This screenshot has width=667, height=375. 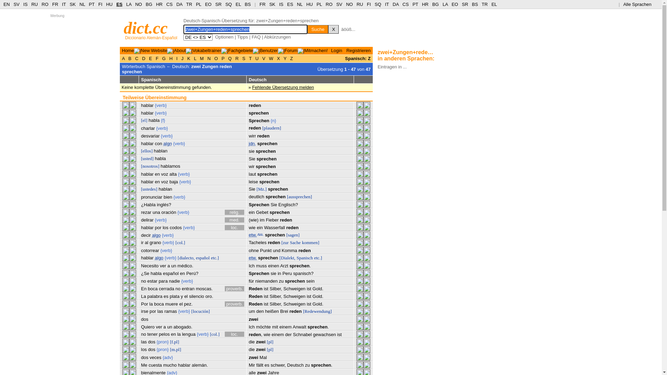 I want to click on 'Vokabeltrainer', so click(x=206, y=50).